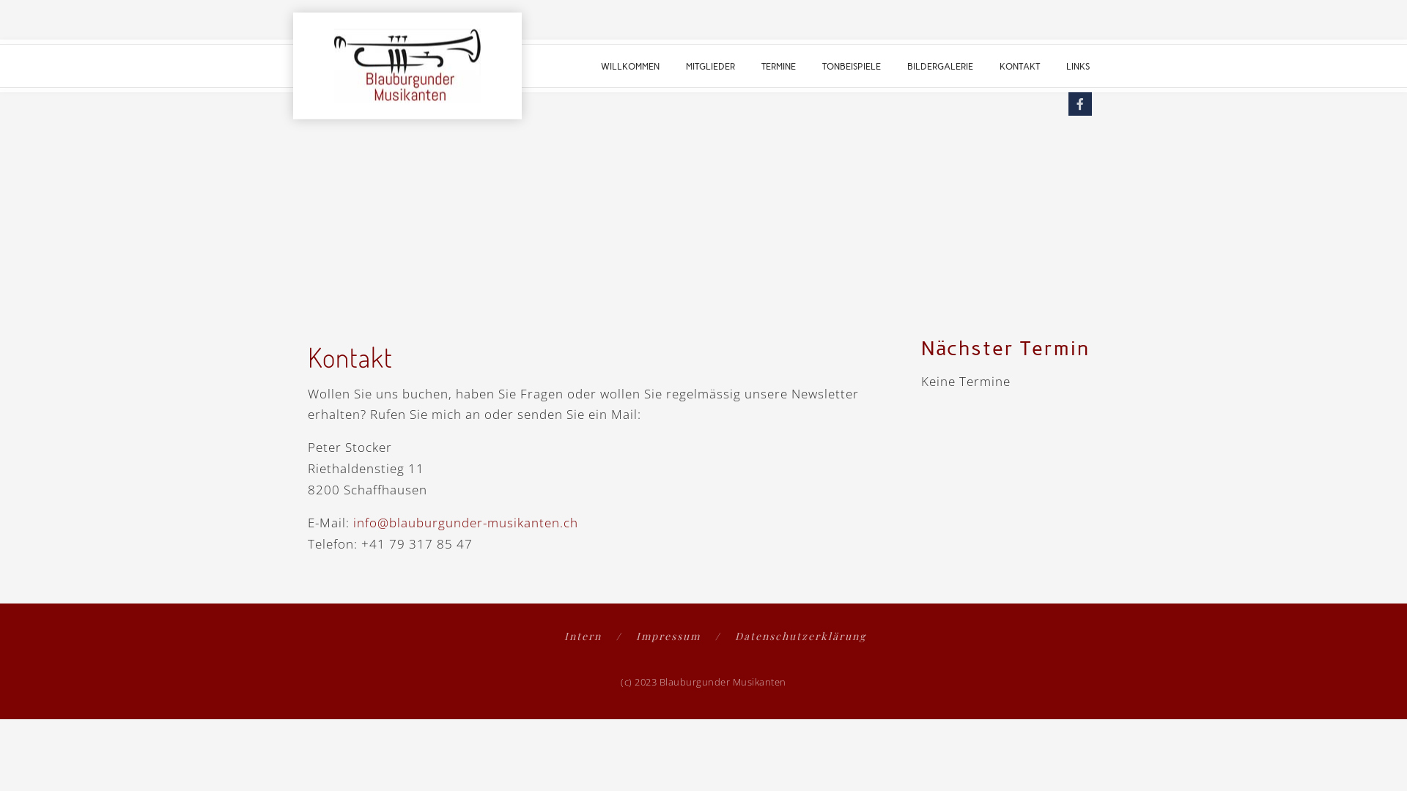 The height and width of the screenshot is (791, 1407). What do you see at coordinates (1019, 64) in the screenshot?
I see `'KONTAKT'` at bounding box center [1019, 64].